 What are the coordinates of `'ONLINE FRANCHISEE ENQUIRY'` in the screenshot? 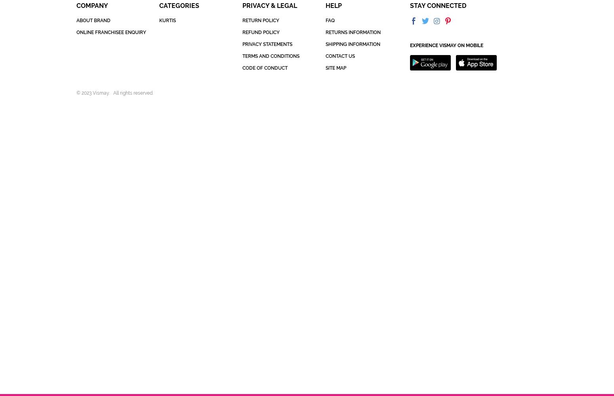 It's located at (111, 32).